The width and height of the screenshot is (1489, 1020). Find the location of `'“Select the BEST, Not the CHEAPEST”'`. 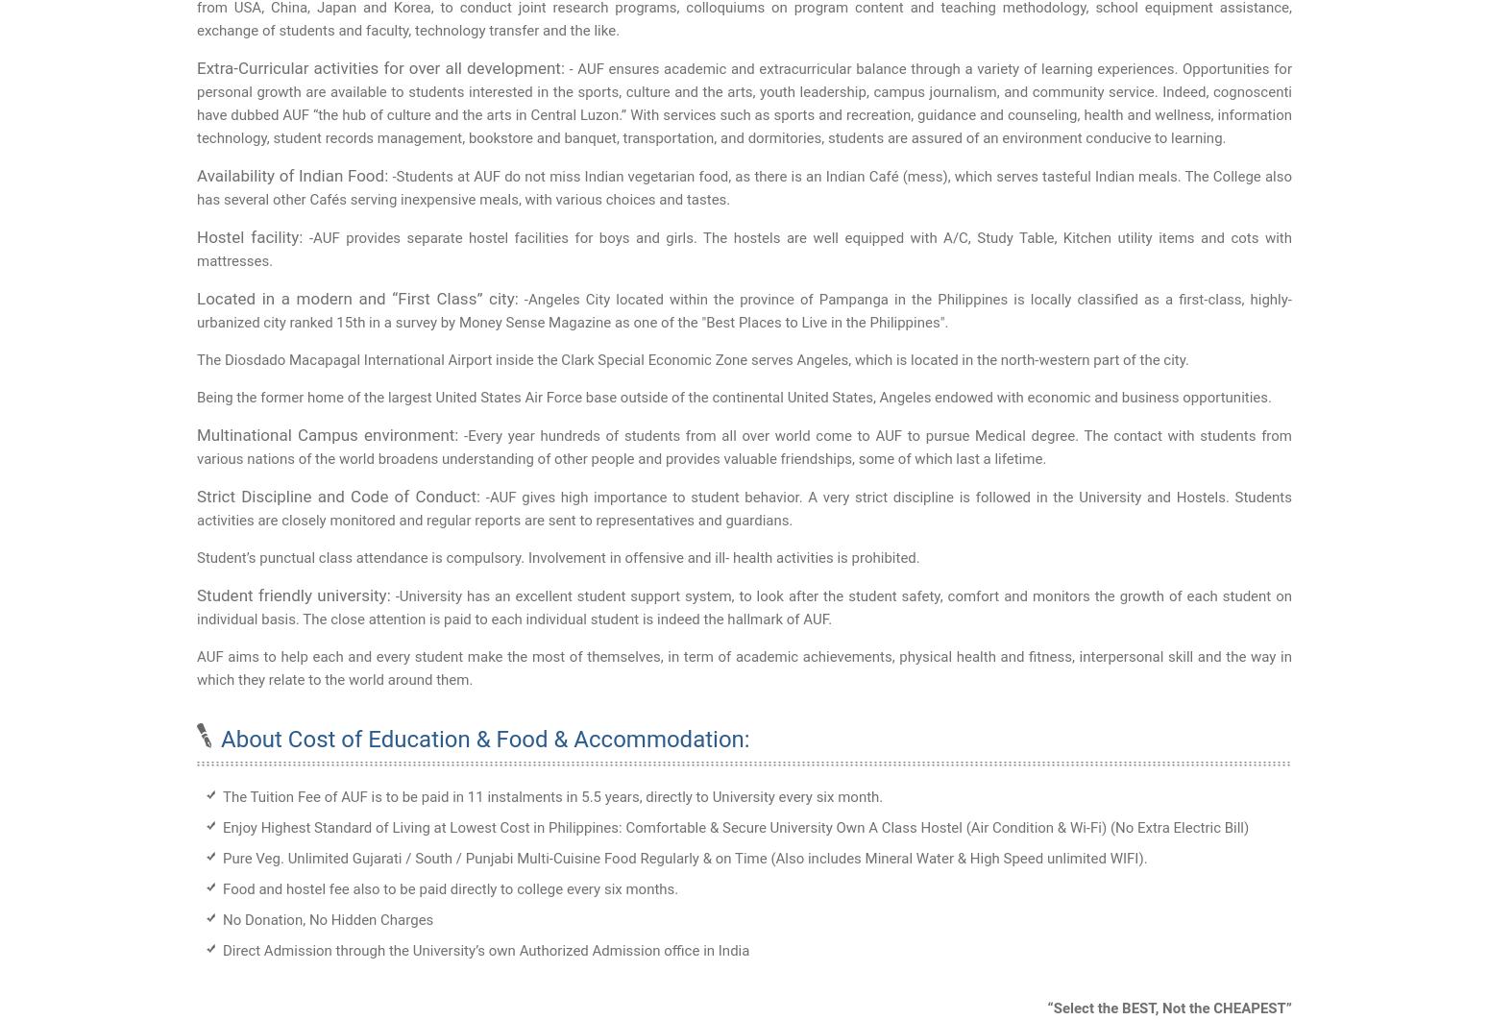

'“Select the BEST, Not the CHEAPEST”' is located at coordinates (1169, 1007).